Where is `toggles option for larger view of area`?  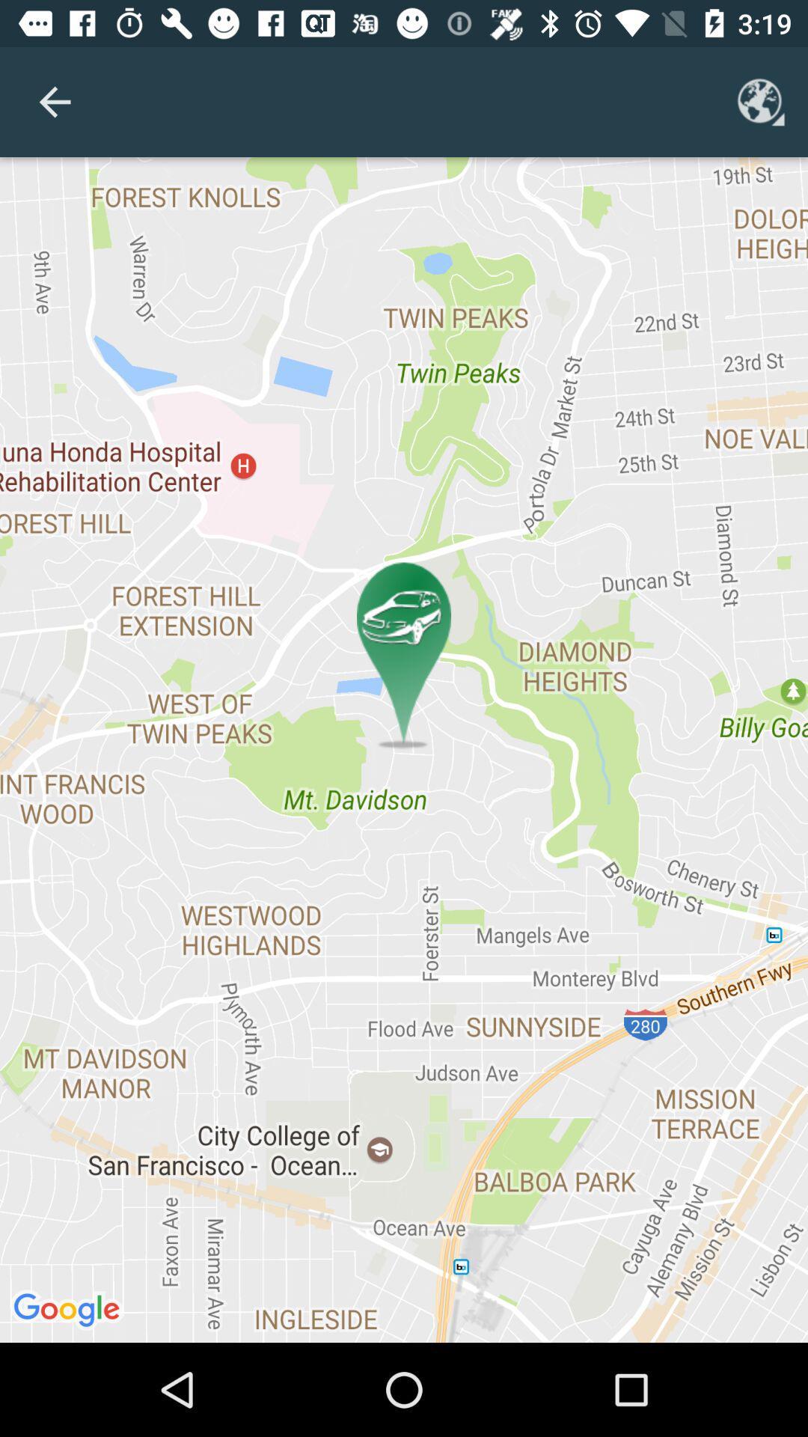 toggles option for larger view of area is located at coordinates (761, 101).